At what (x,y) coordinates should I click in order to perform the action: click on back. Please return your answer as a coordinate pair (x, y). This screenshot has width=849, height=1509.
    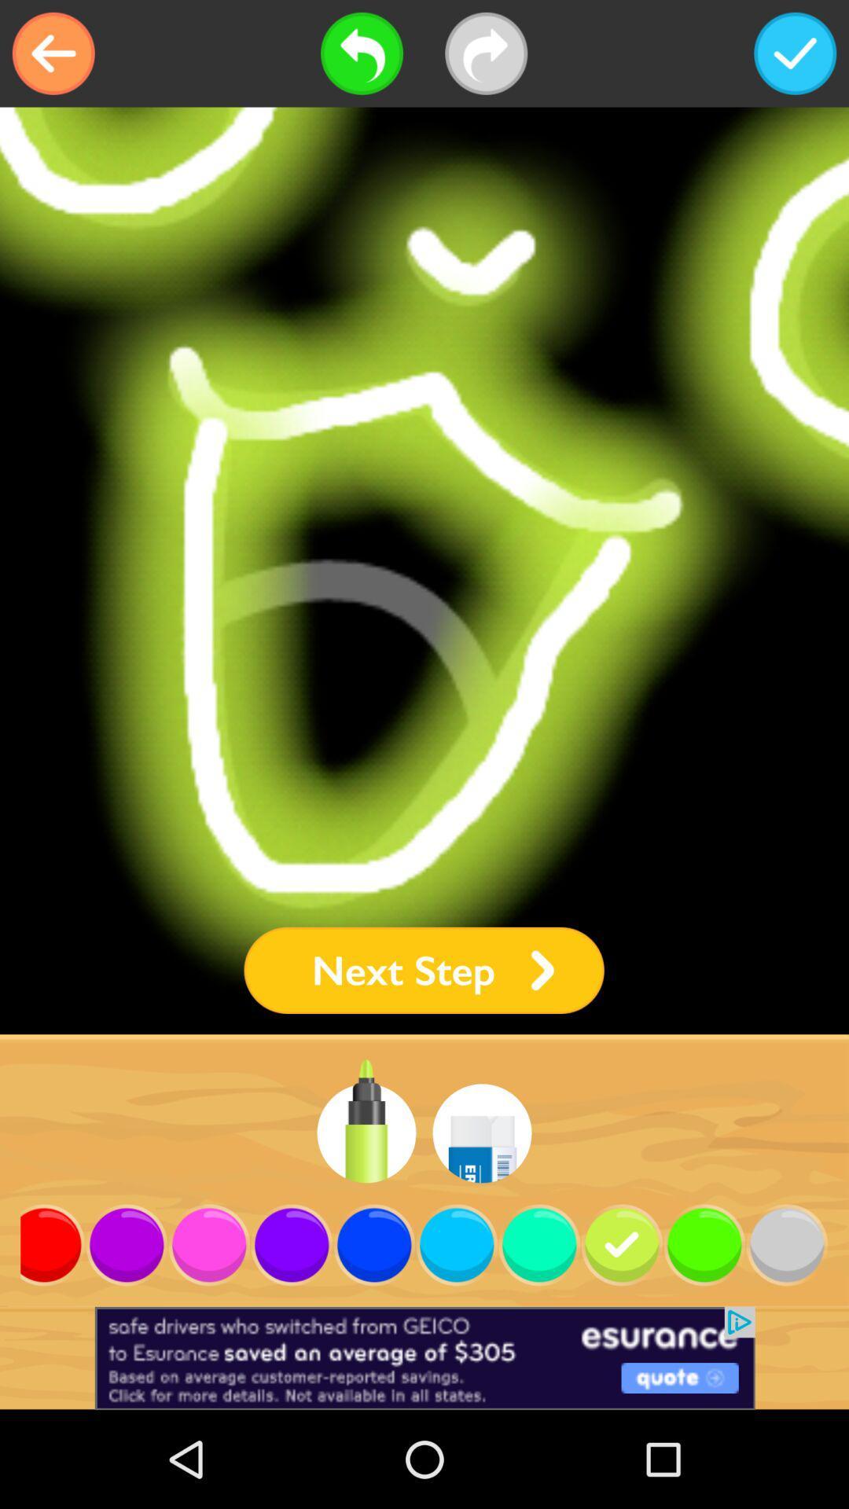
    Looking at the image, I should click on (53, 53).